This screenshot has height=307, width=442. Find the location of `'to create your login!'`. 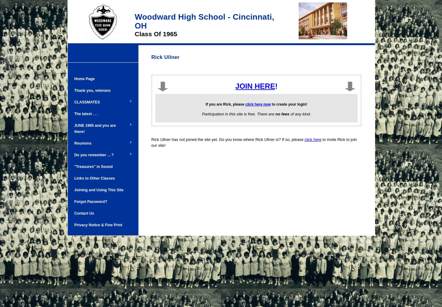

'to create your login!' is located at coordinates (289, 104).